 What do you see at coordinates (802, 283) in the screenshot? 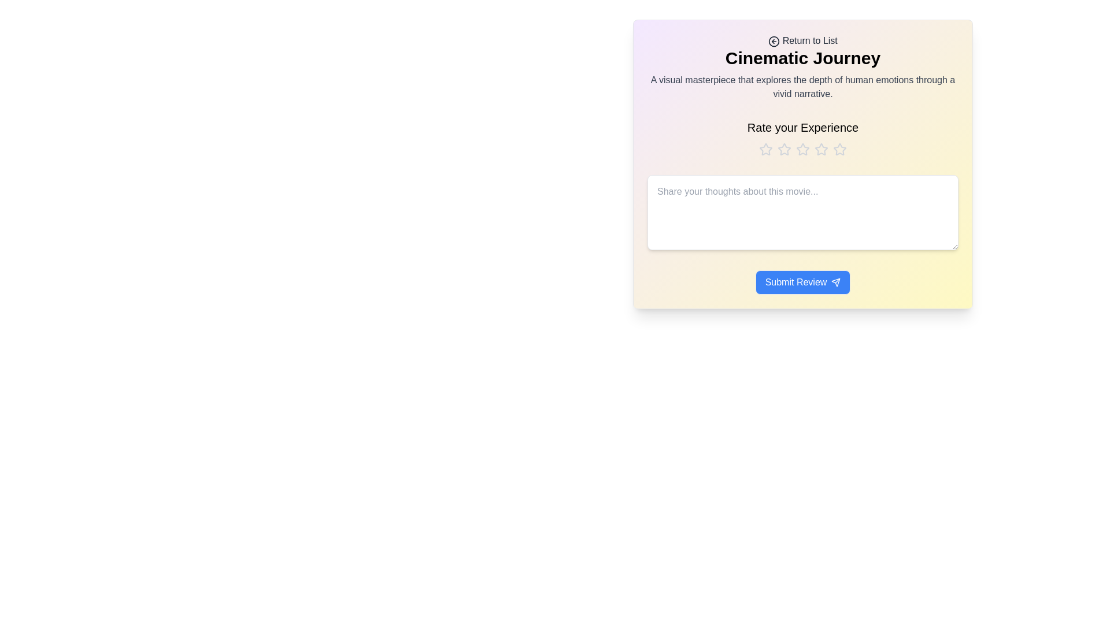
I see `the review submission button located at the bottom center of the review card layout` at bounding box center [802, 283].